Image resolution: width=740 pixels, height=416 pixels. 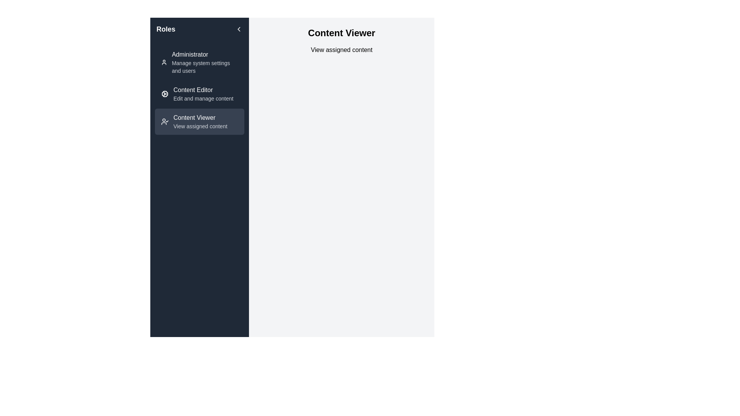 What do you see at coordinates (238, 29) in the screenshot?
I see `the left-pointing chevron button located in the upper-right quadrant of the dark-themed sidebar` at bounding box center [238, 29].